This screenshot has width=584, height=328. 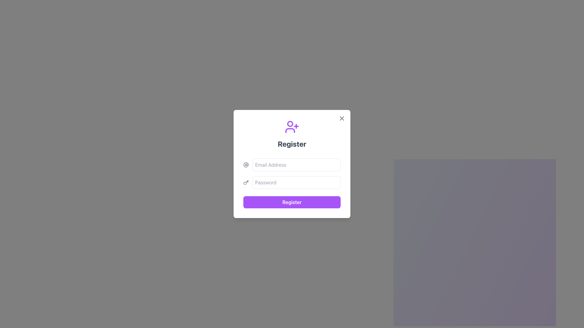 What do you see at coordinates (290, 124) in the screenshot?
I see `the circular decorative icon element within the SVG located at the top of the registration modal` at bounding box center [290, 124].